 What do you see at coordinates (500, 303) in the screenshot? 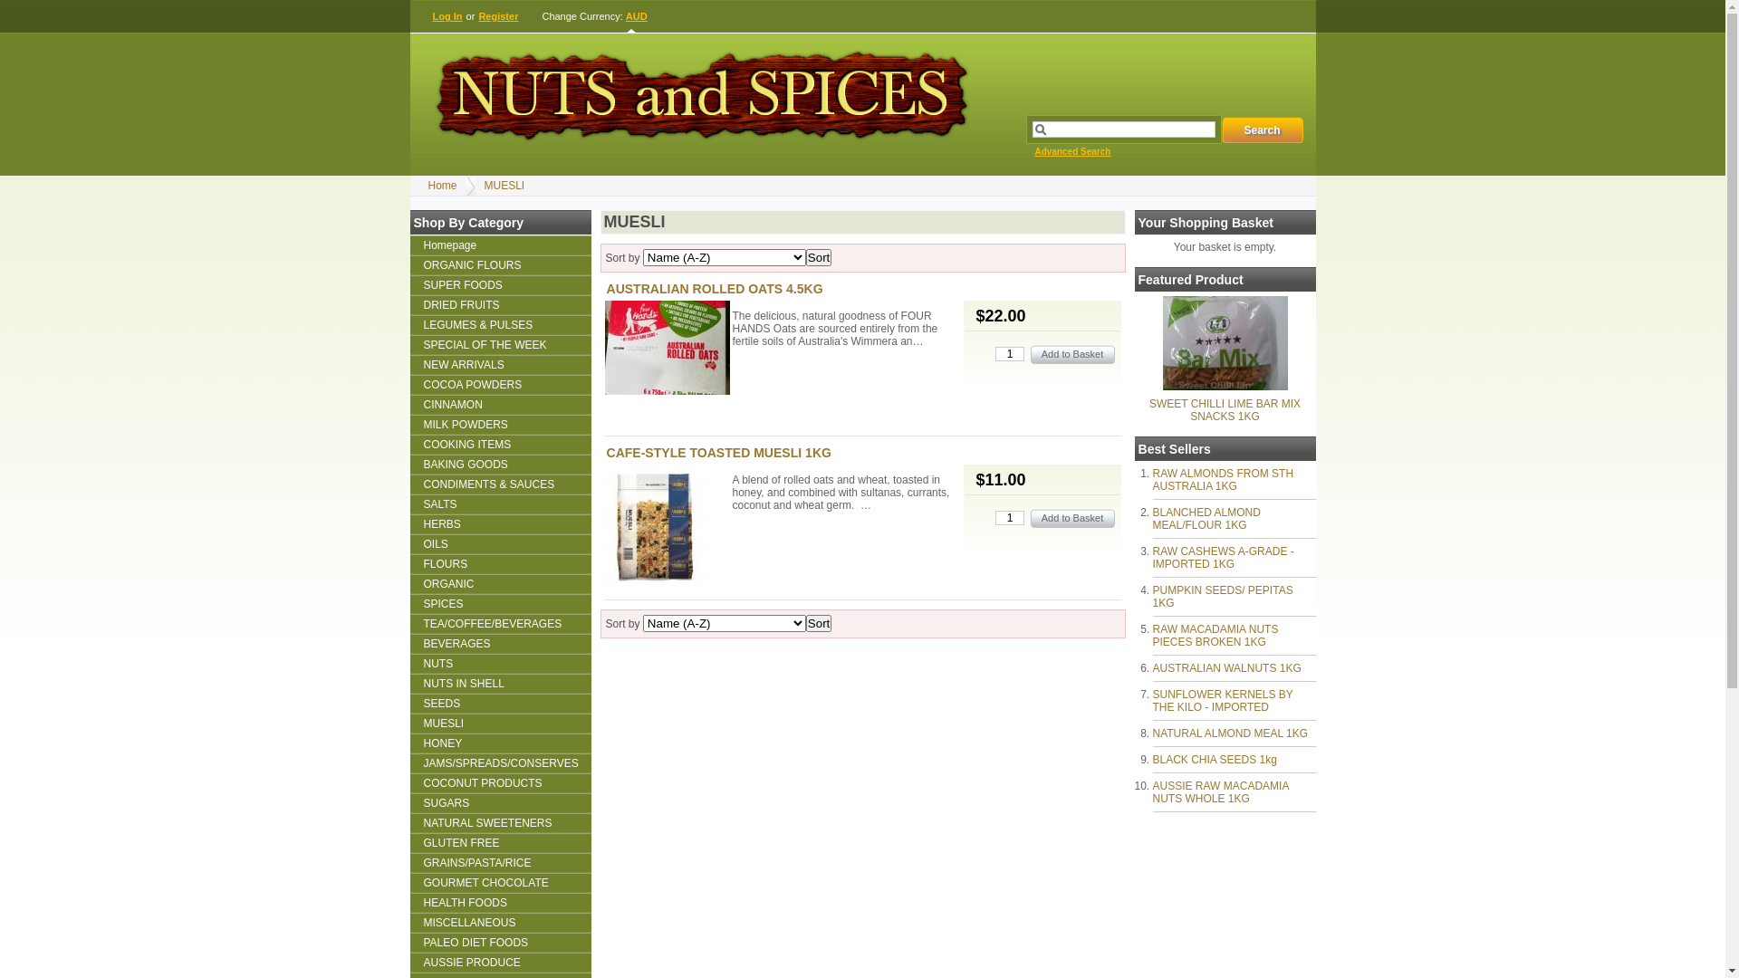
I see `'DRIED FRUITS'` at bounding box center [500, 303].